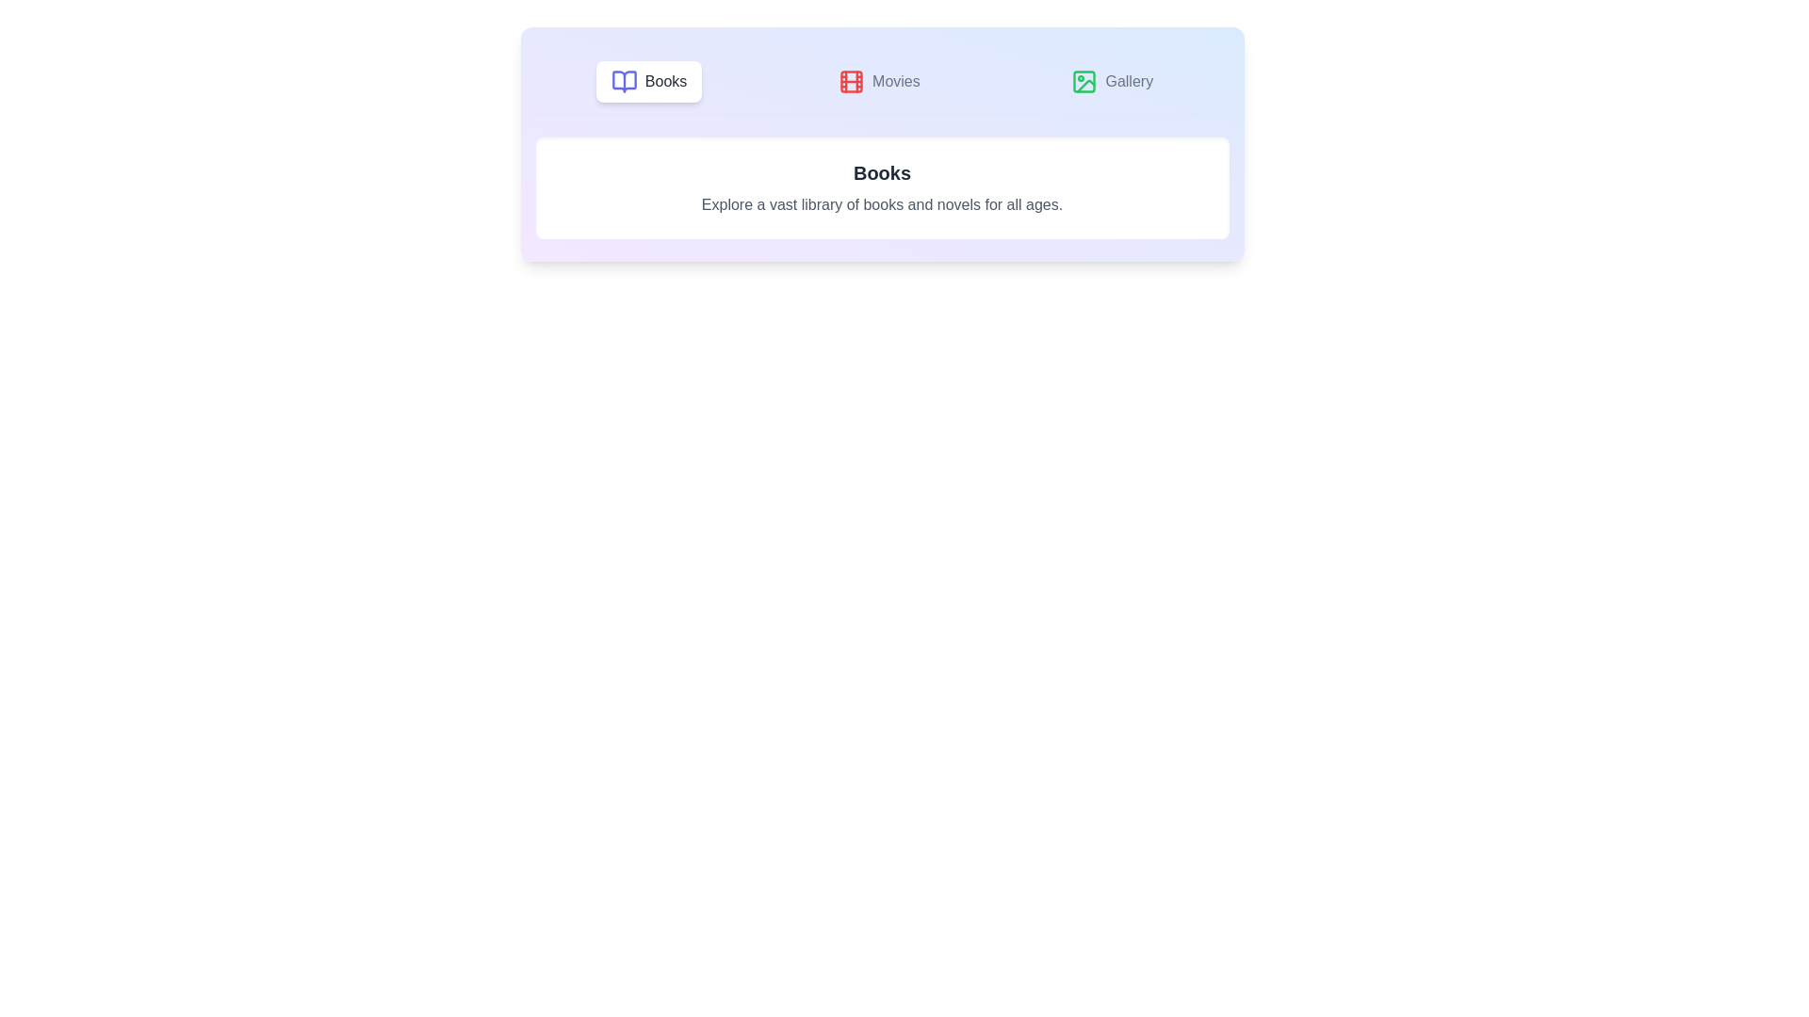 Image resolution: width=1809 pixels, height=1017 pixels. I want to click on the Movies tab to view its content, so click(877, 81).